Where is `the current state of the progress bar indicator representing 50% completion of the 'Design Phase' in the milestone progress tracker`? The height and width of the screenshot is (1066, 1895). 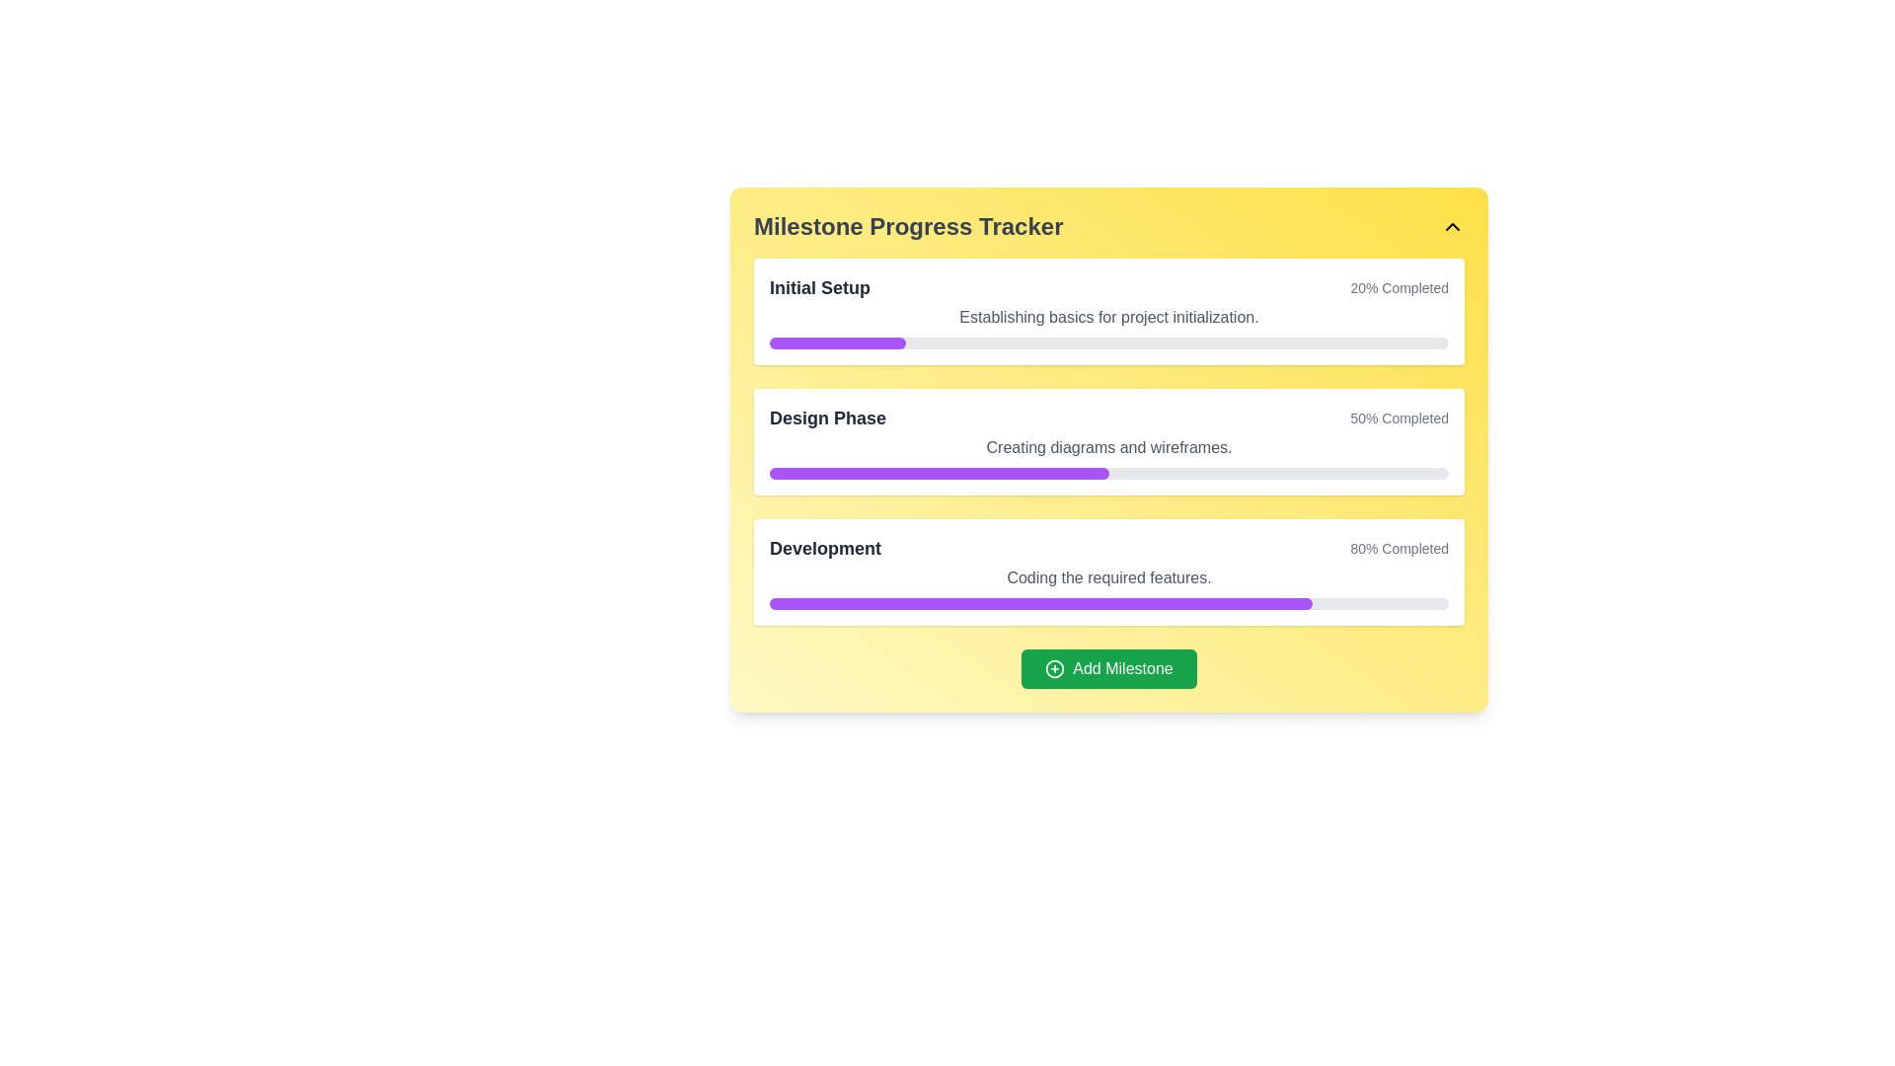
the current state of the progress bar indicator representing 50% completion of the 'Design Phase' in the milestone progress tracker is located at coordinates (938, 473).